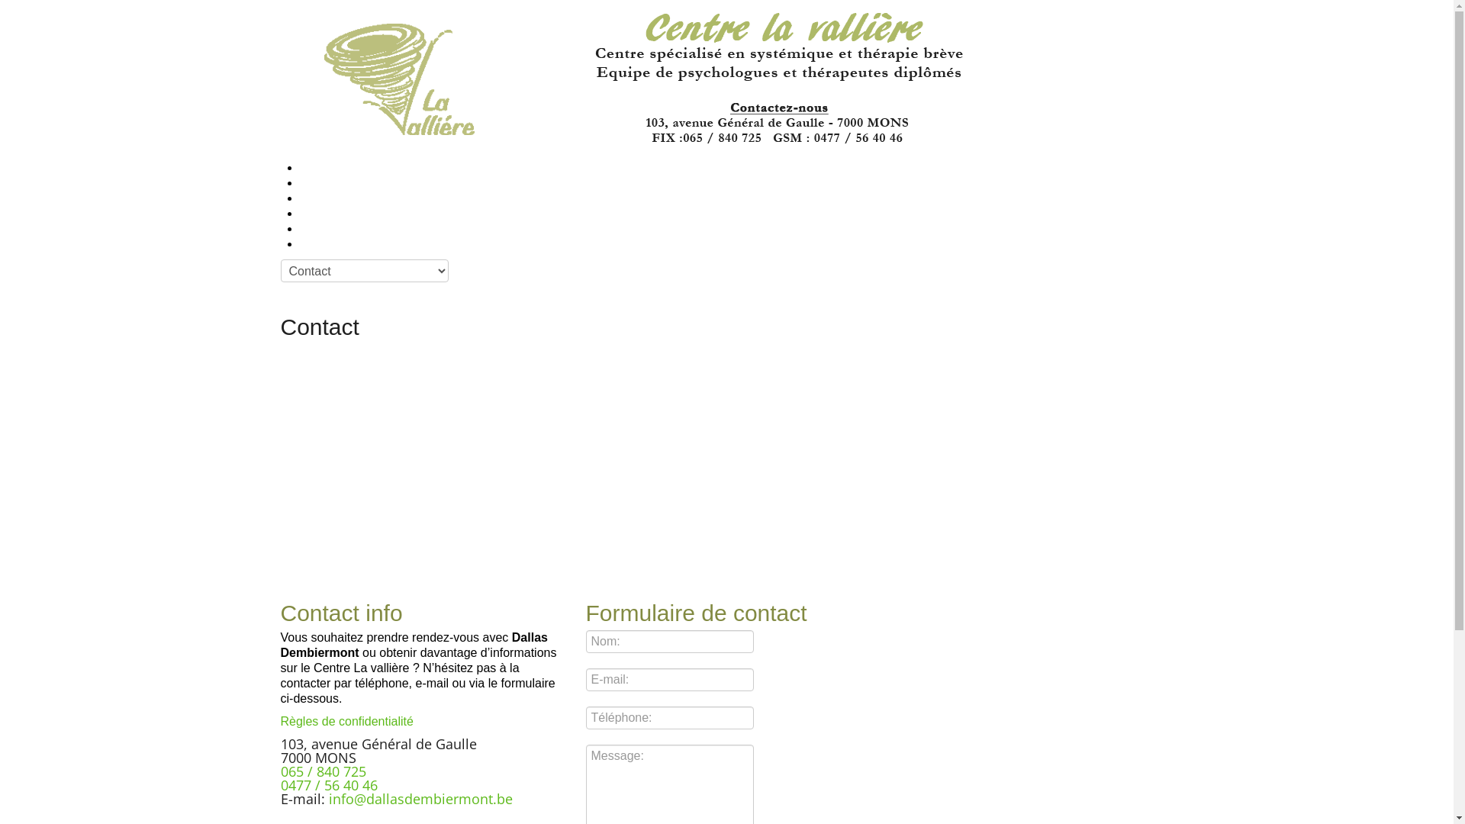 The height and width of the screenshot is (824, 1465). What do you see at coordinates (311, 198) in the screenshot?
I see `'Equipe'` at bounding box center [311, 198].